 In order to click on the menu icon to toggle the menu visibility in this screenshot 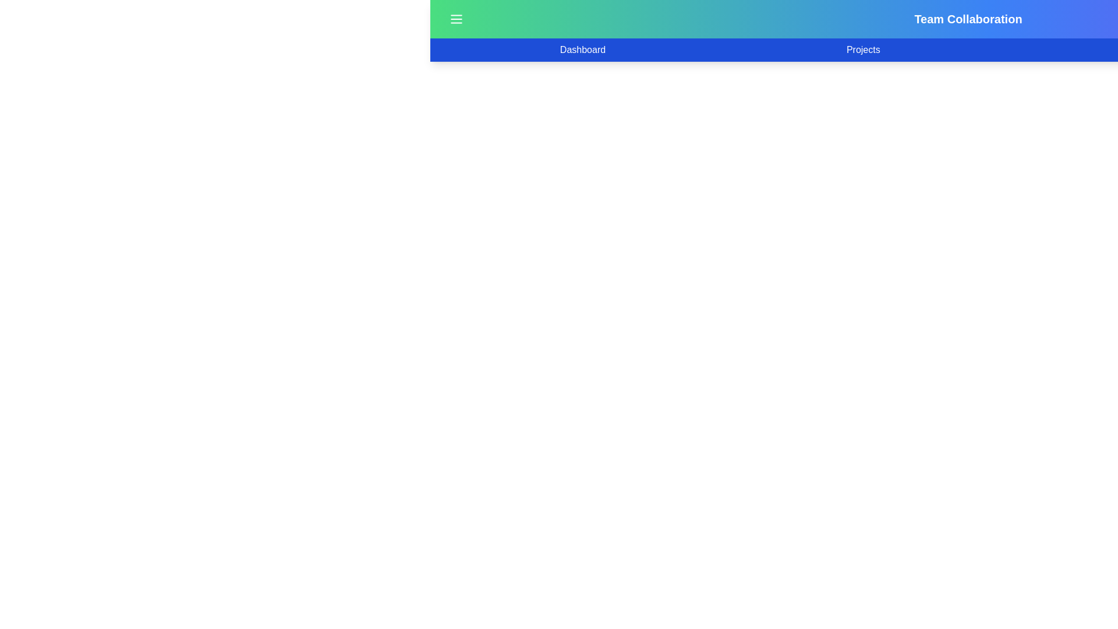, I will do `click(455, 19)`.